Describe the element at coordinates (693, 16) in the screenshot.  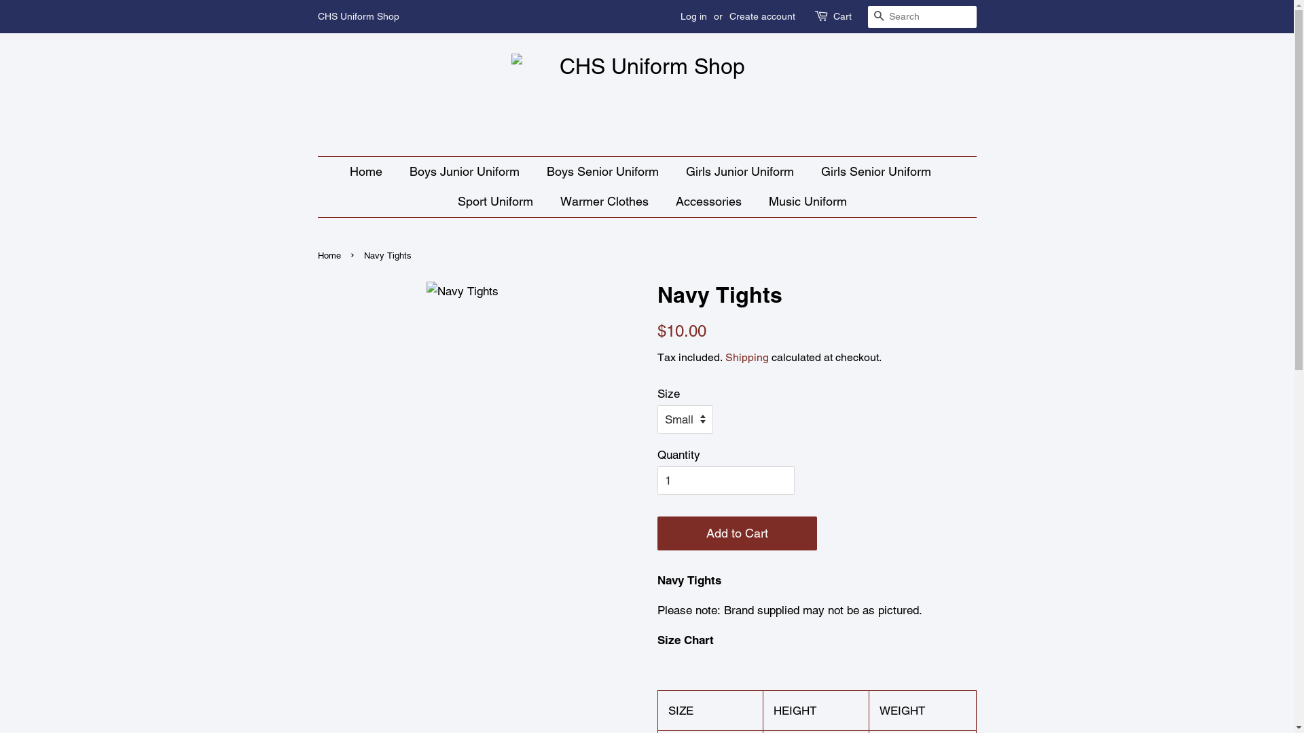
I see `'Log in'` at that location.